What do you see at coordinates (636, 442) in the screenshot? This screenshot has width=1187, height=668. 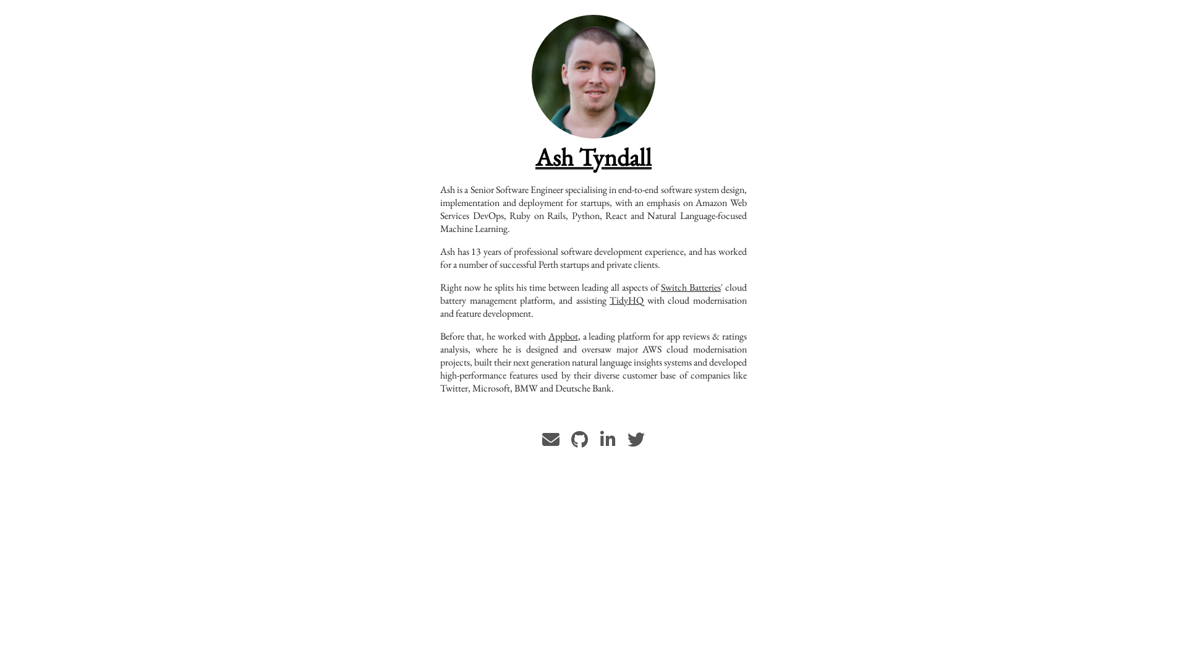 I see `'Ash on Twitter'` at bounding box center [636, 442].